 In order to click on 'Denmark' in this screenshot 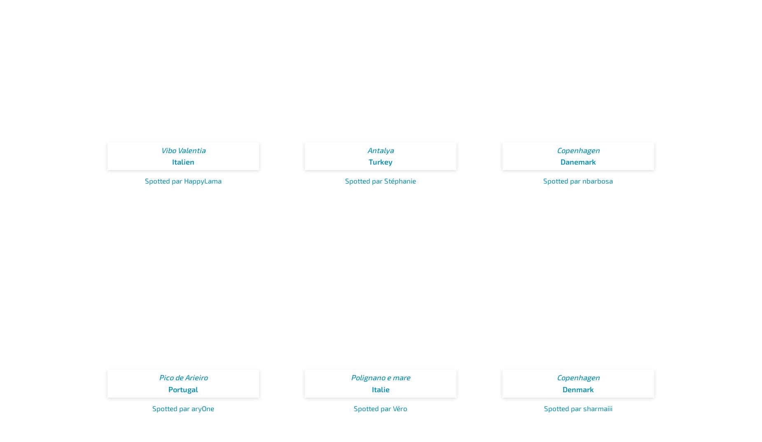, I will do `click(578, 389)`.